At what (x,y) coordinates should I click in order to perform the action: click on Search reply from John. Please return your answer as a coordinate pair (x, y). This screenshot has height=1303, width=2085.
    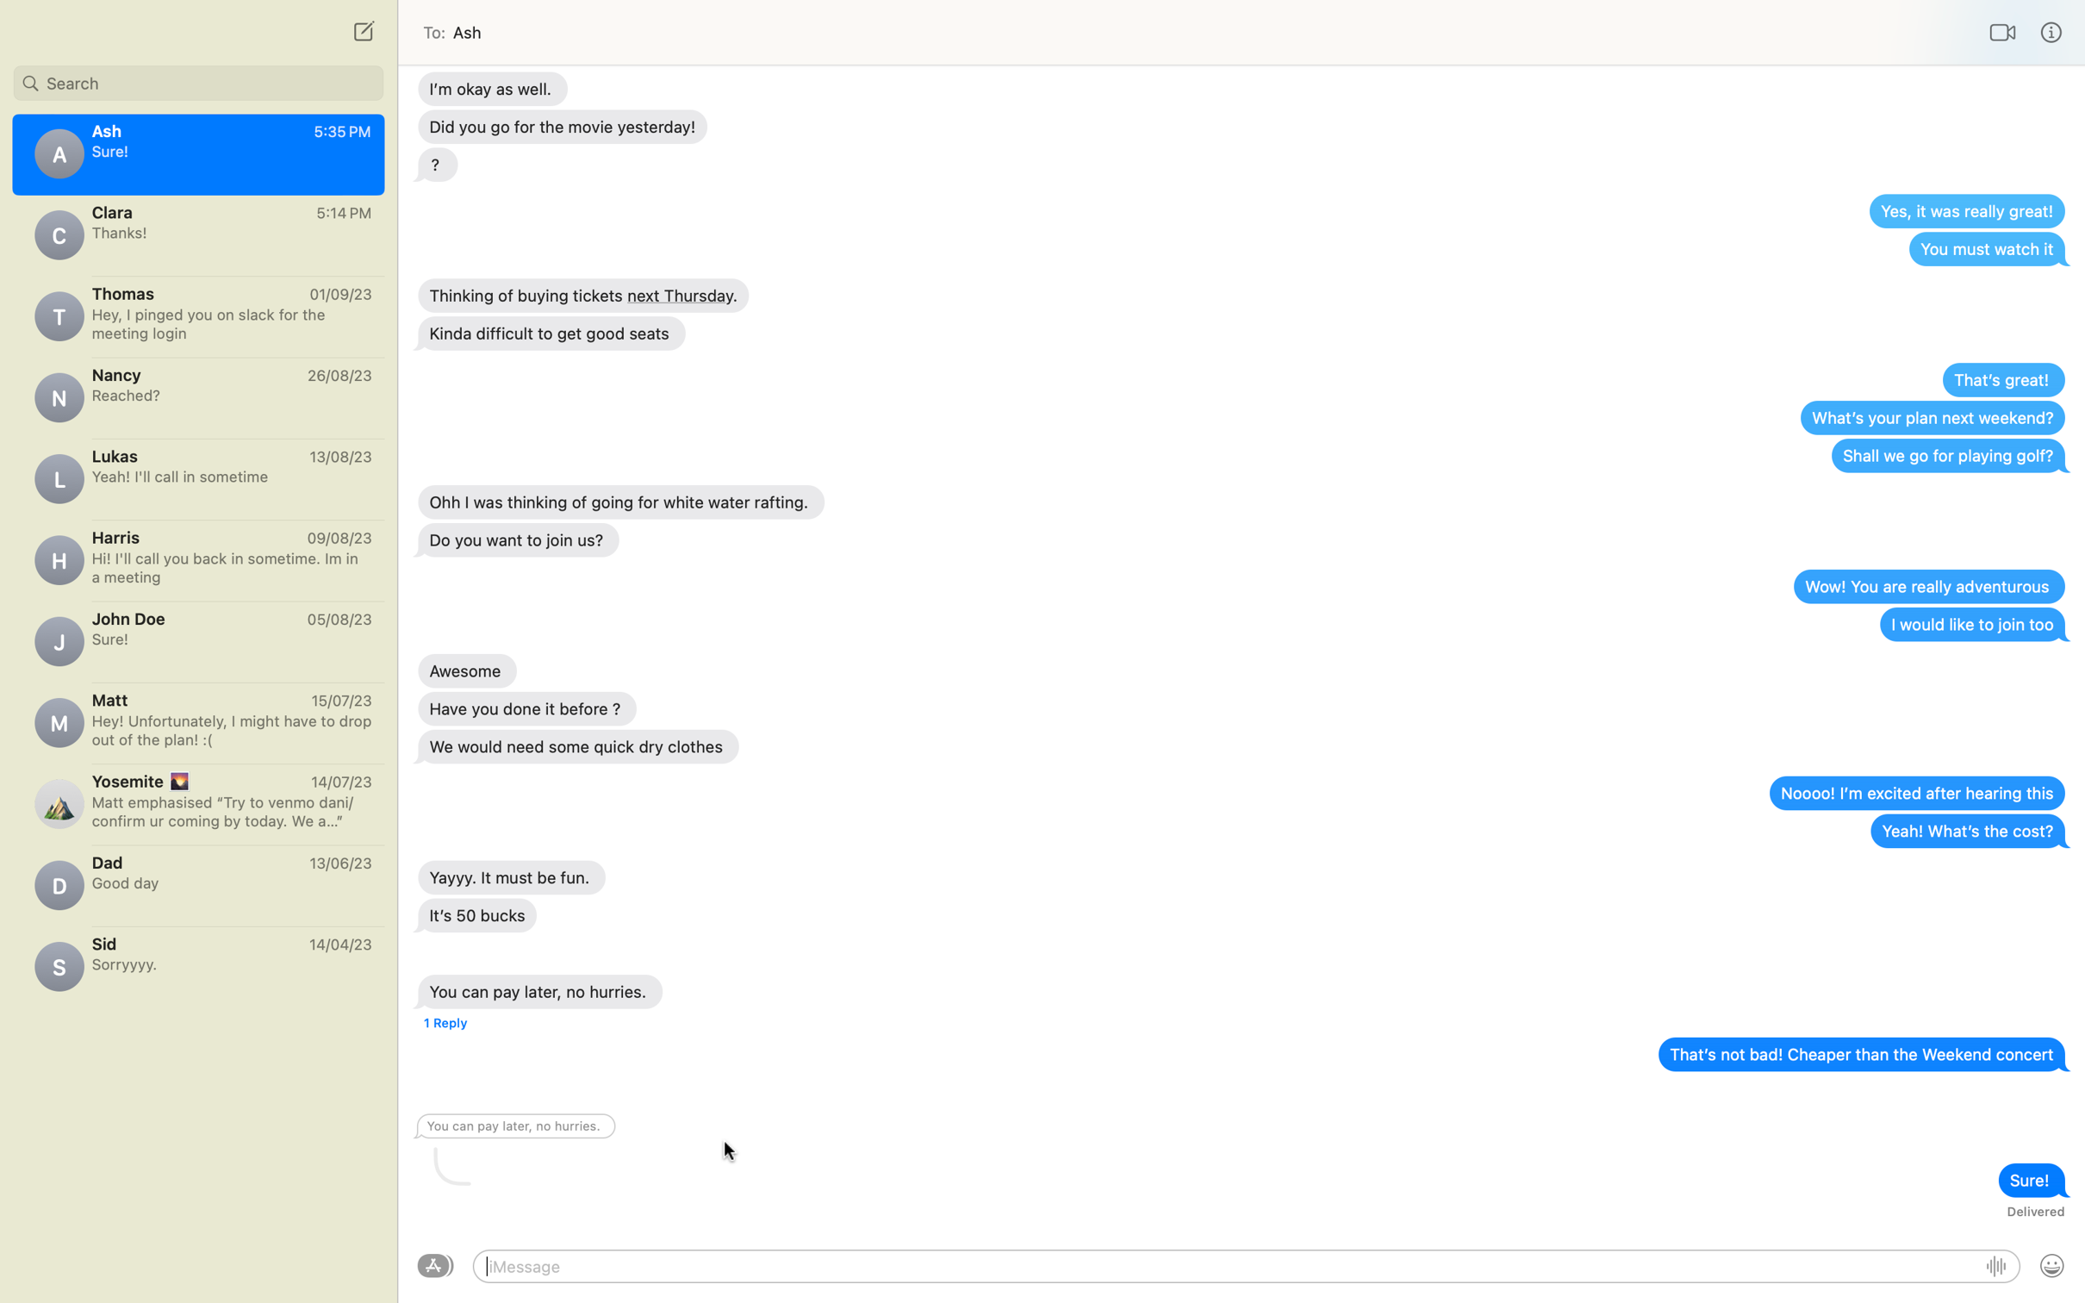
    Looking at the image, I should click on (197, 79).